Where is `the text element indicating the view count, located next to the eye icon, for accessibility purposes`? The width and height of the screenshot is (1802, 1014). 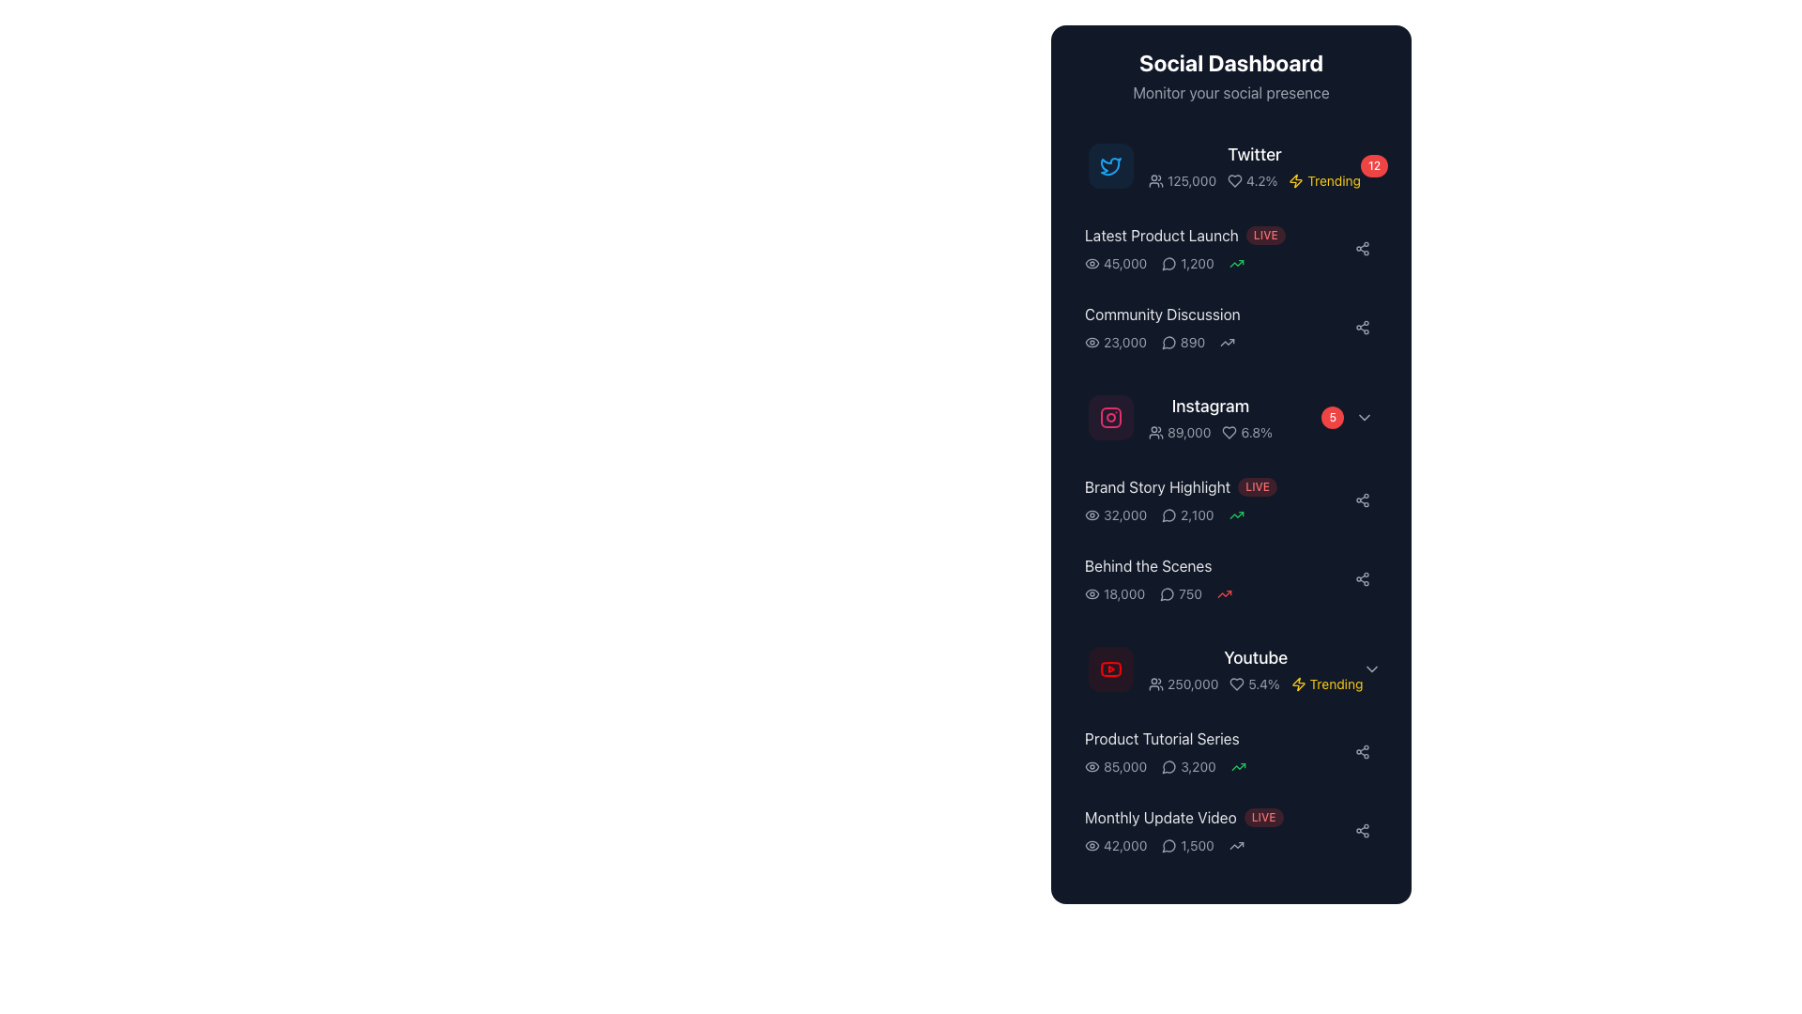
the text element indicating the view count, located next to the eye icon, for accessibility purposes is located at coordinates (1116, 264).